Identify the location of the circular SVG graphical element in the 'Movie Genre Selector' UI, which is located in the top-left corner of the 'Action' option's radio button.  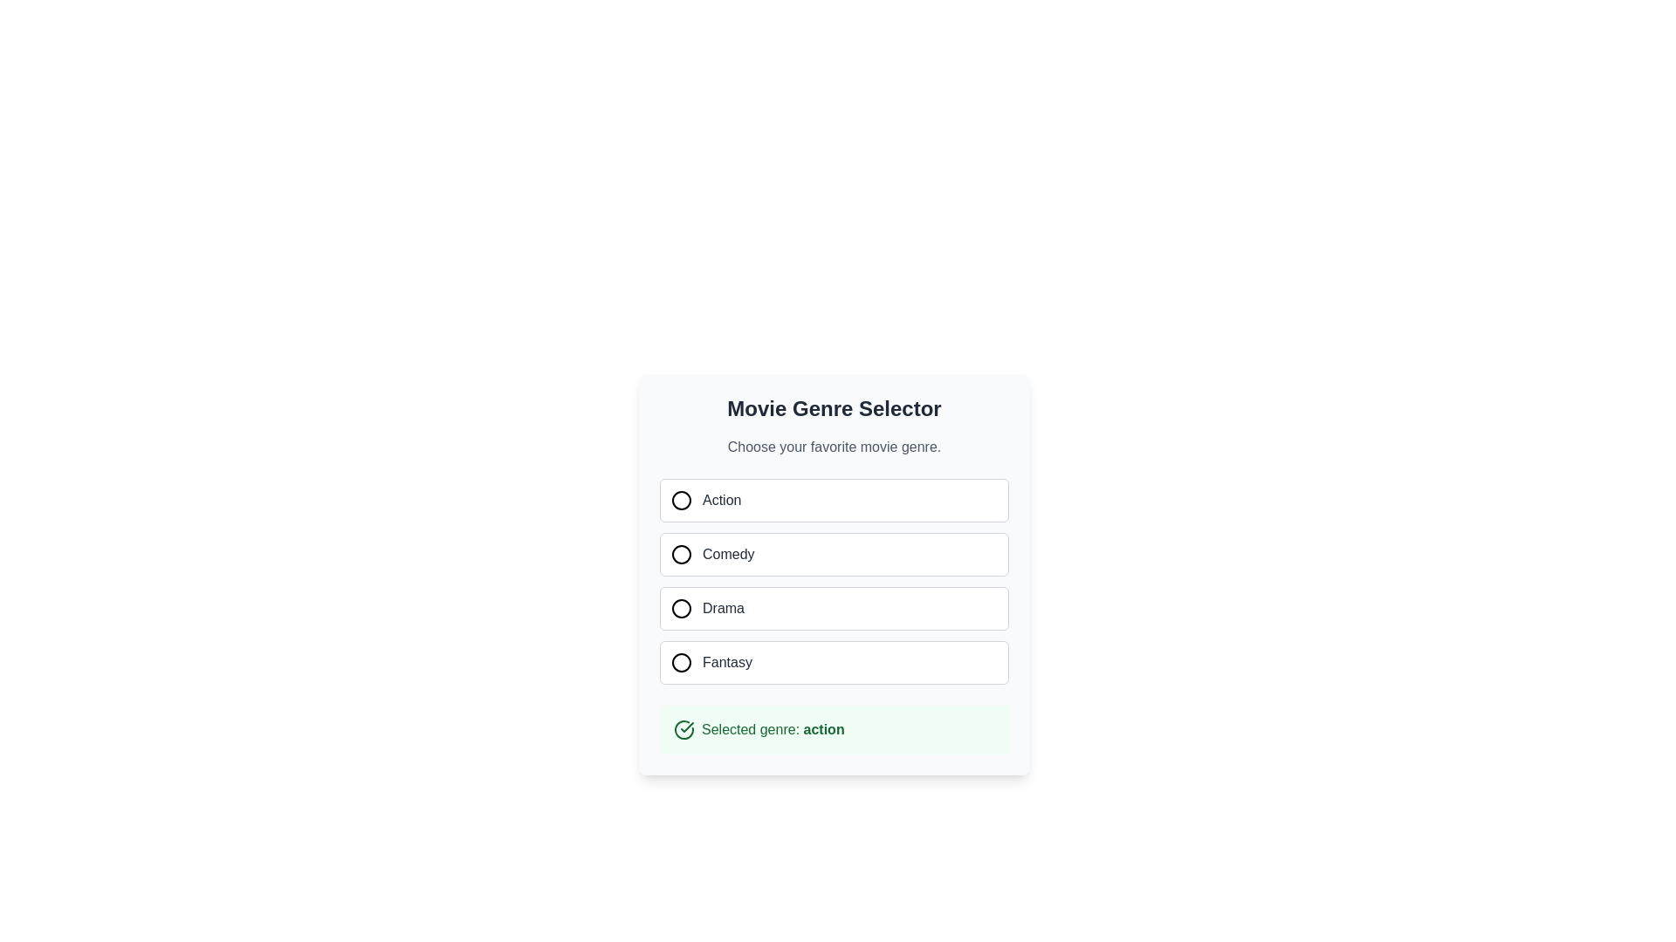
(681, 501).